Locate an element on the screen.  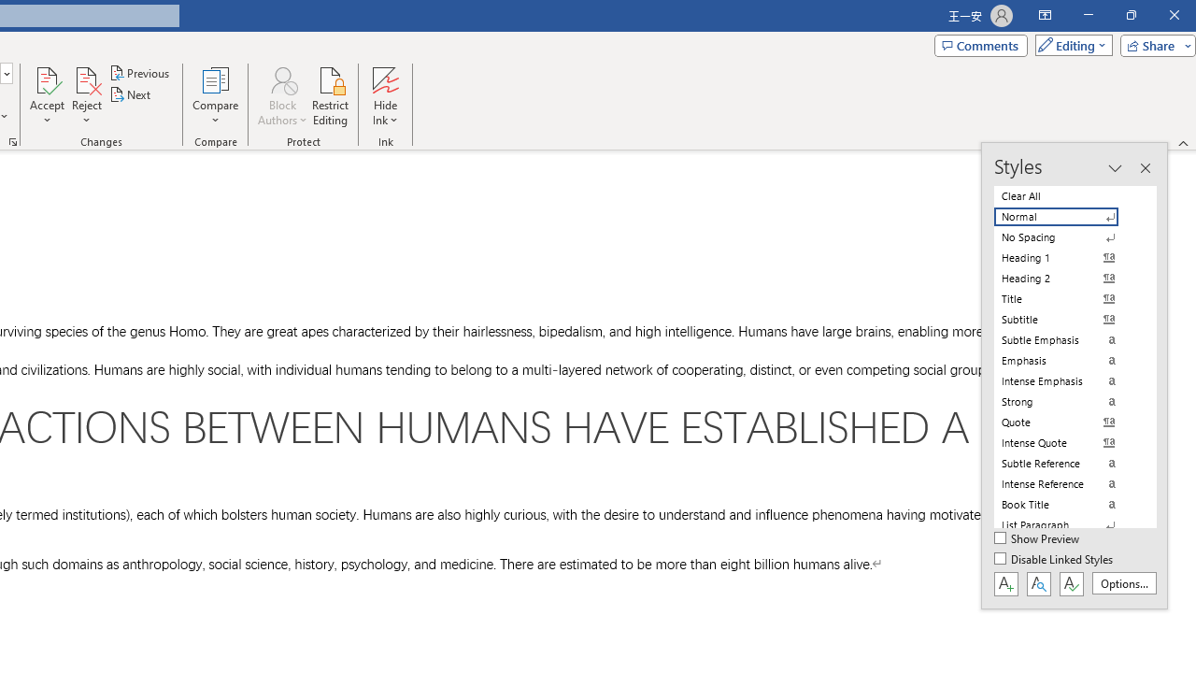
'Heading 2' is located at coordinates (1067, 279).